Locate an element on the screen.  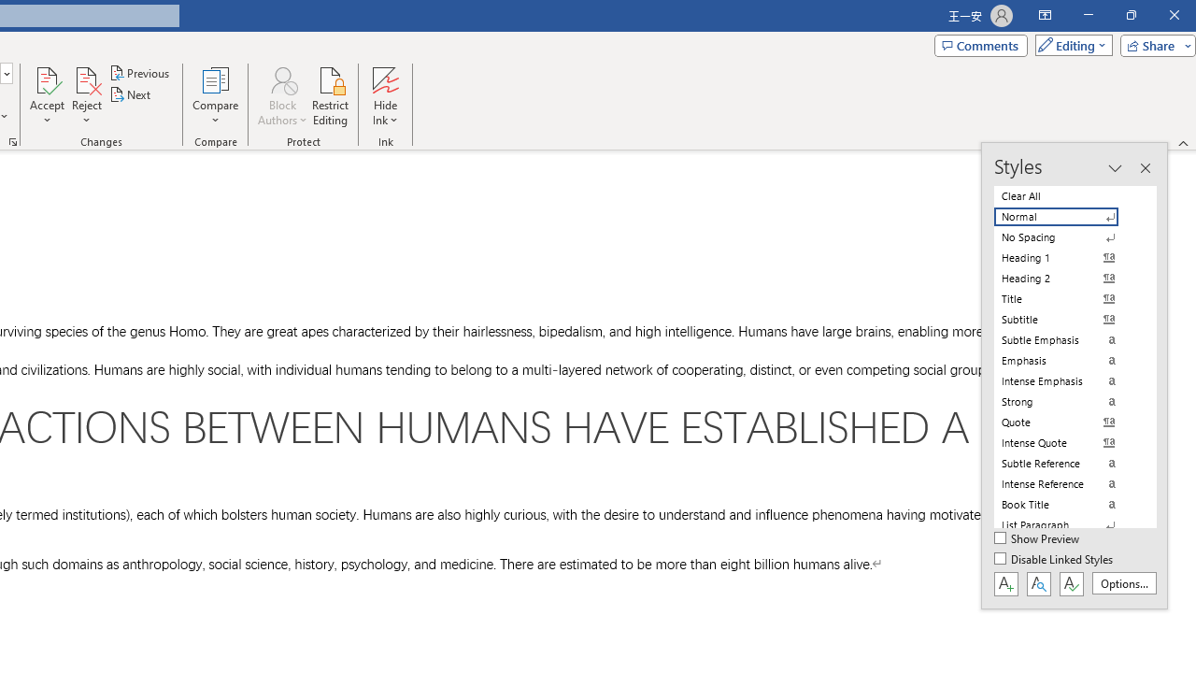
'Heading 2' is located at coordinates (1067, 279).